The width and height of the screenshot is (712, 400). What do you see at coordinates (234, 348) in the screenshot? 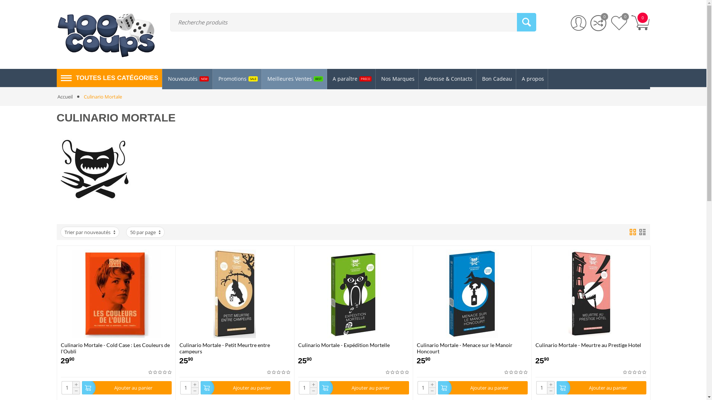
I see `'Culinario Mortale - Petit Meurtre entre campeurs'` at bounding box center [234, 348].